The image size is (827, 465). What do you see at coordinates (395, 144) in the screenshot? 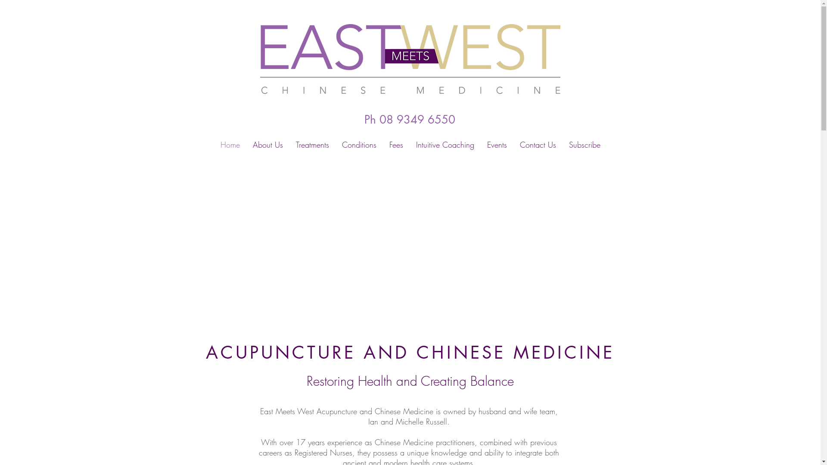
I see `'Fees'` at bounding box center [395, 144].